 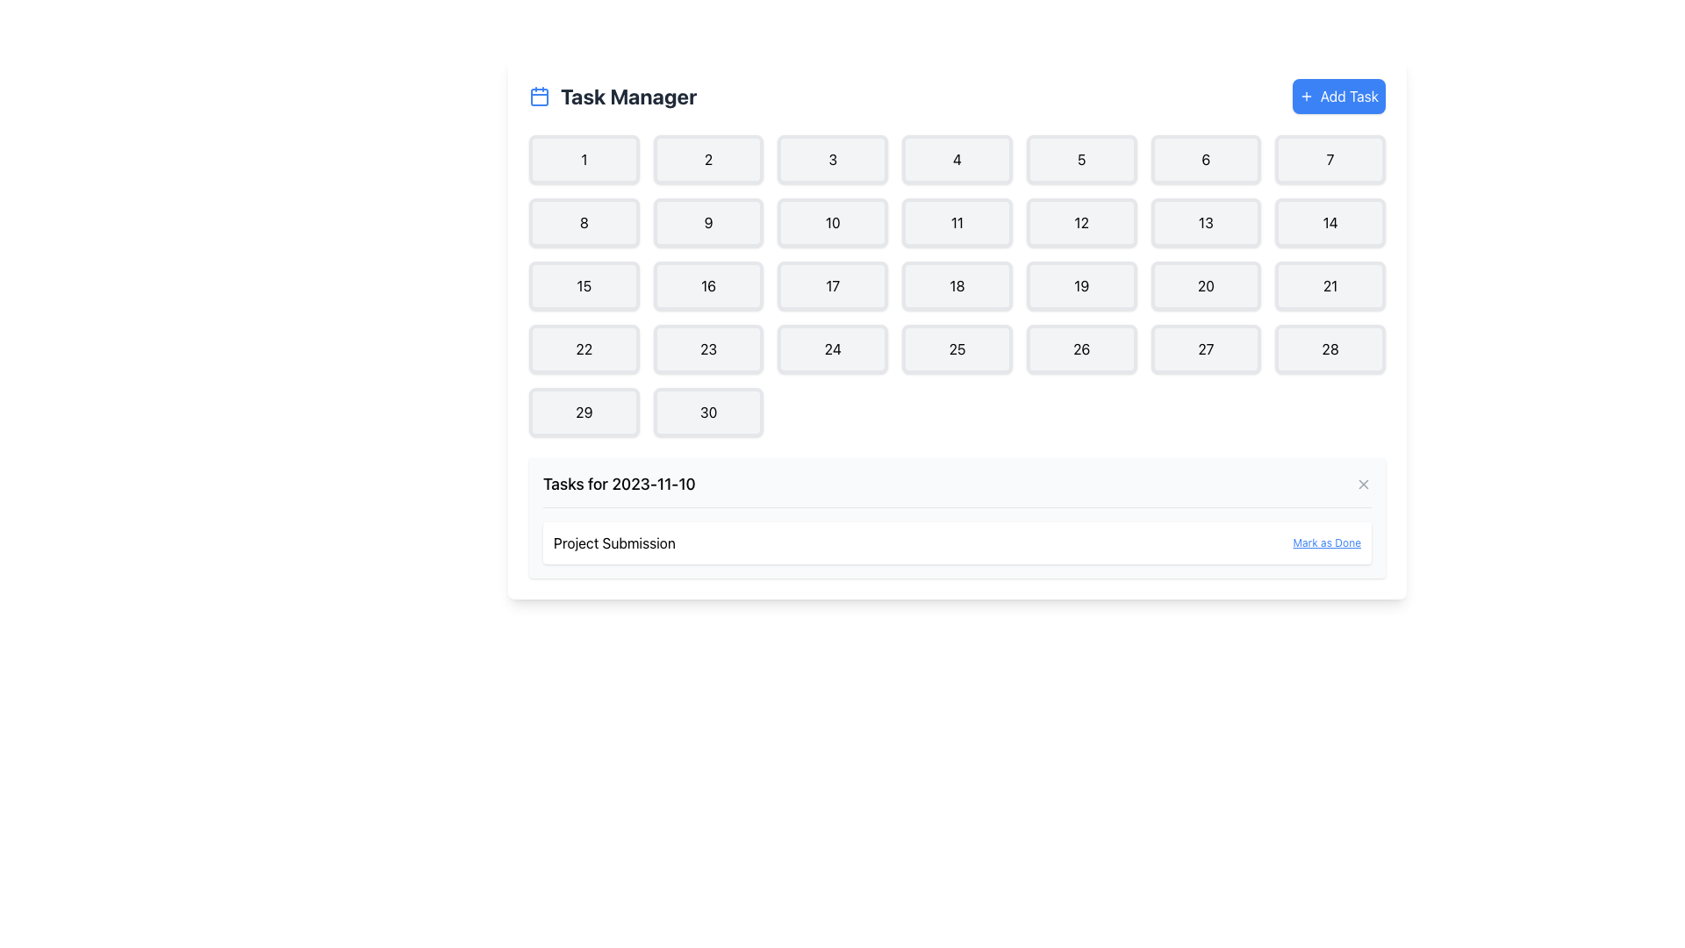 I want to click on the interactive calendar cell displaying the date '22' located in the fourth row and first column of the calendar grid under the 'Task Manager' header, so click(x=584, y=348).